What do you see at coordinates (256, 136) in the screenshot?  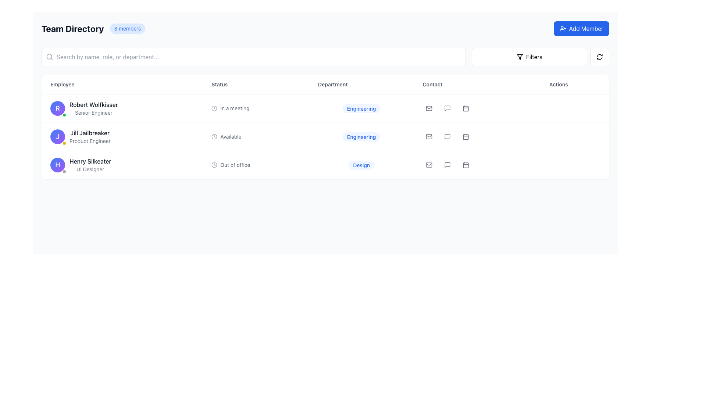 I see `the availability status indicator for employee 'Jill Jailbreaker' in the 'Status' column of the team directory table` at bounding box center [256, 136].